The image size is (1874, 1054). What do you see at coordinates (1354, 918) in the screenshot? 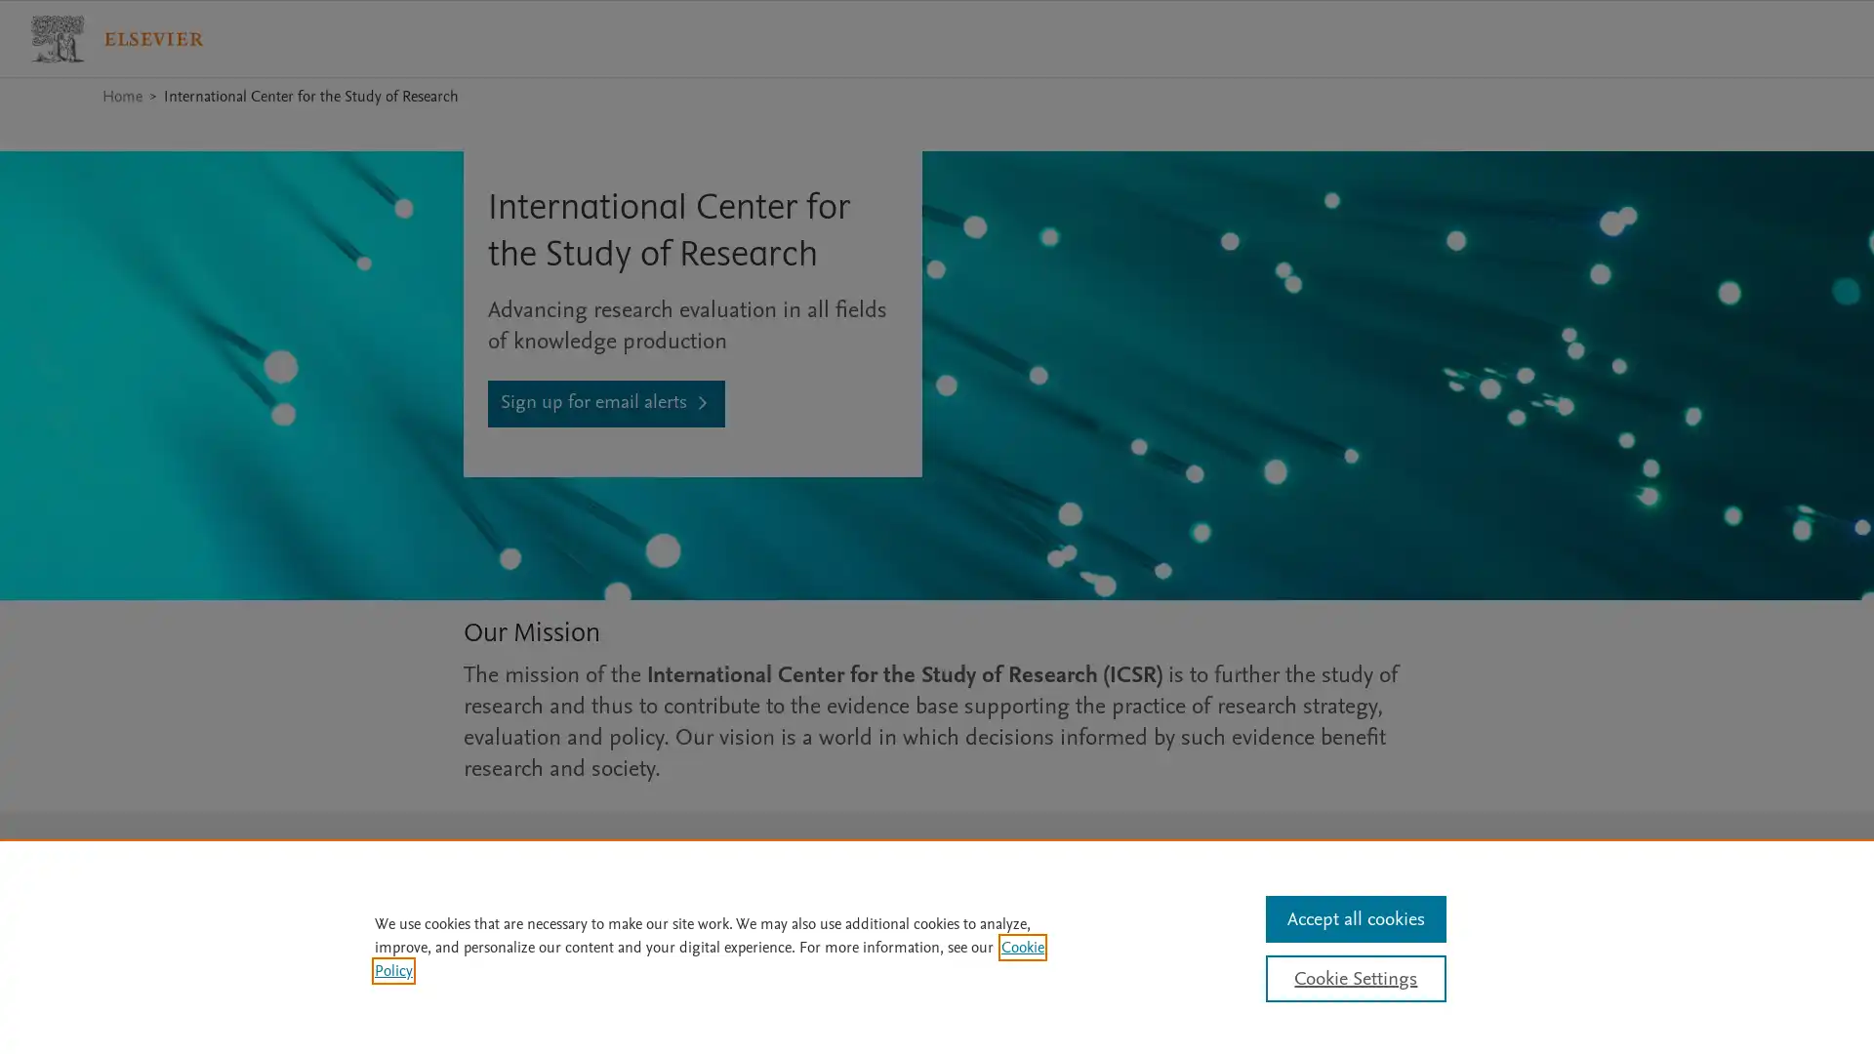
I see `Accept all cookies` at bounding box center [1354, 918].